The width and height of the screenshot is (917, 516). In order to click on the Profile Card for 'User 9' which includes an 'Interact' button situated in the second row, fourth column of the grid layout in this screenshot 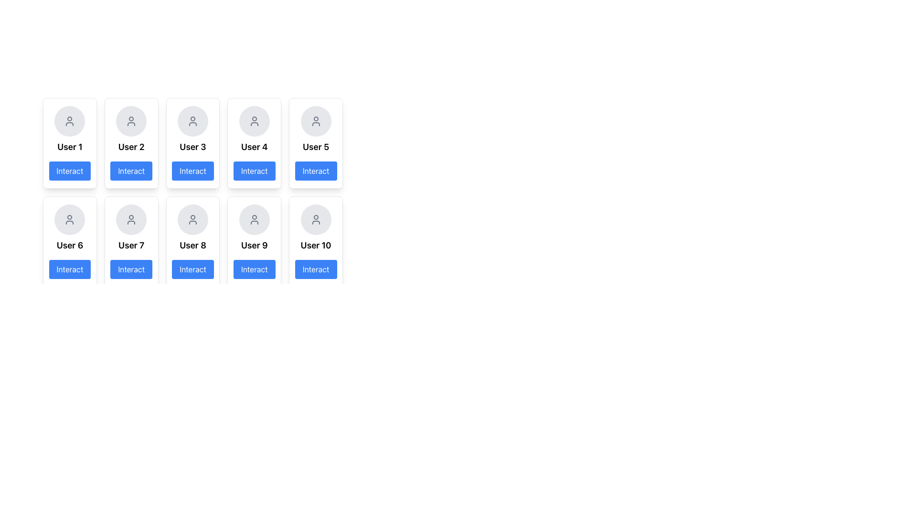, I will do `click(254, 241)`.